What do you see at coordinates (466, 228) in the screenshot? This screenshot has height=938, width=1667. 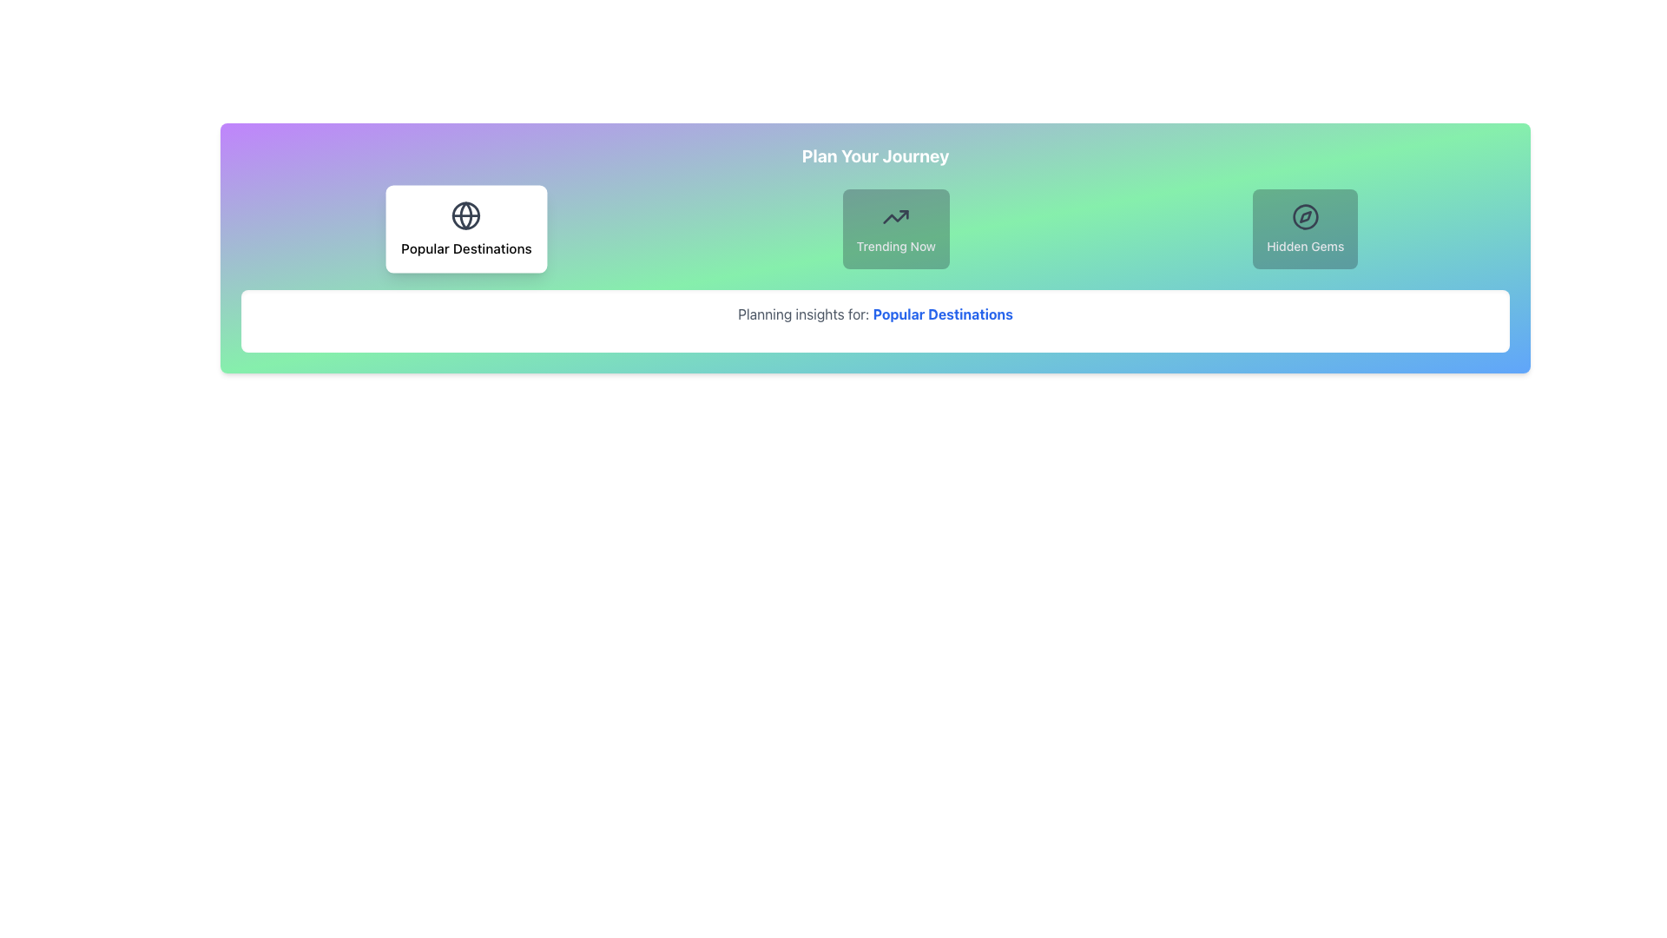 I see `the 'Popular Destinations' button, which is the first card in a horizontal row featuring a globe icon and black sans-serif text` at bounding box center [466, 228].